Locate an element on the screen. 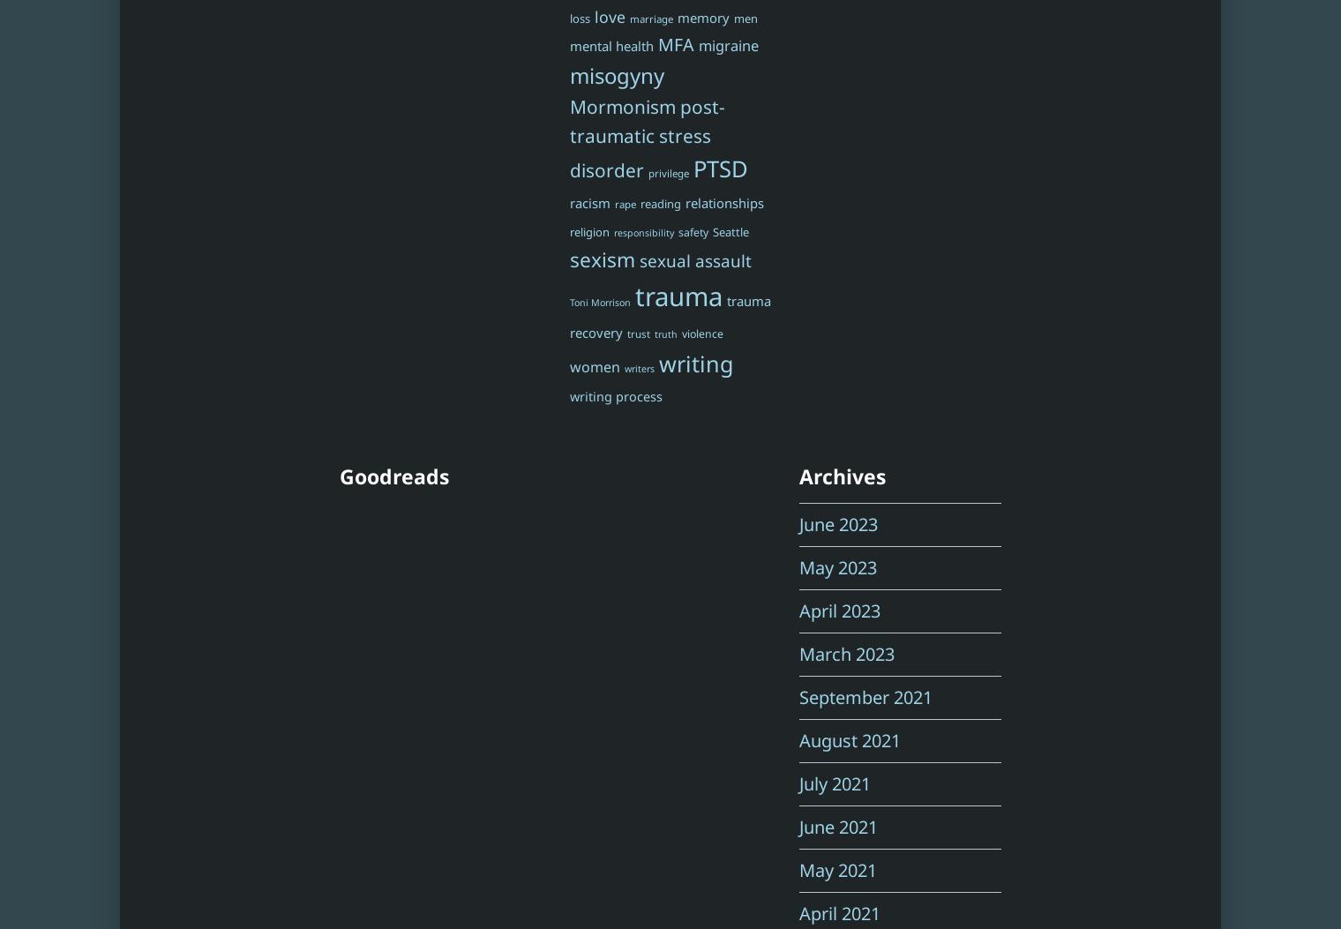 Image resolution: width=1341 pixels, height=929 pixels. 'rape' is located at coordinates (625, 203).